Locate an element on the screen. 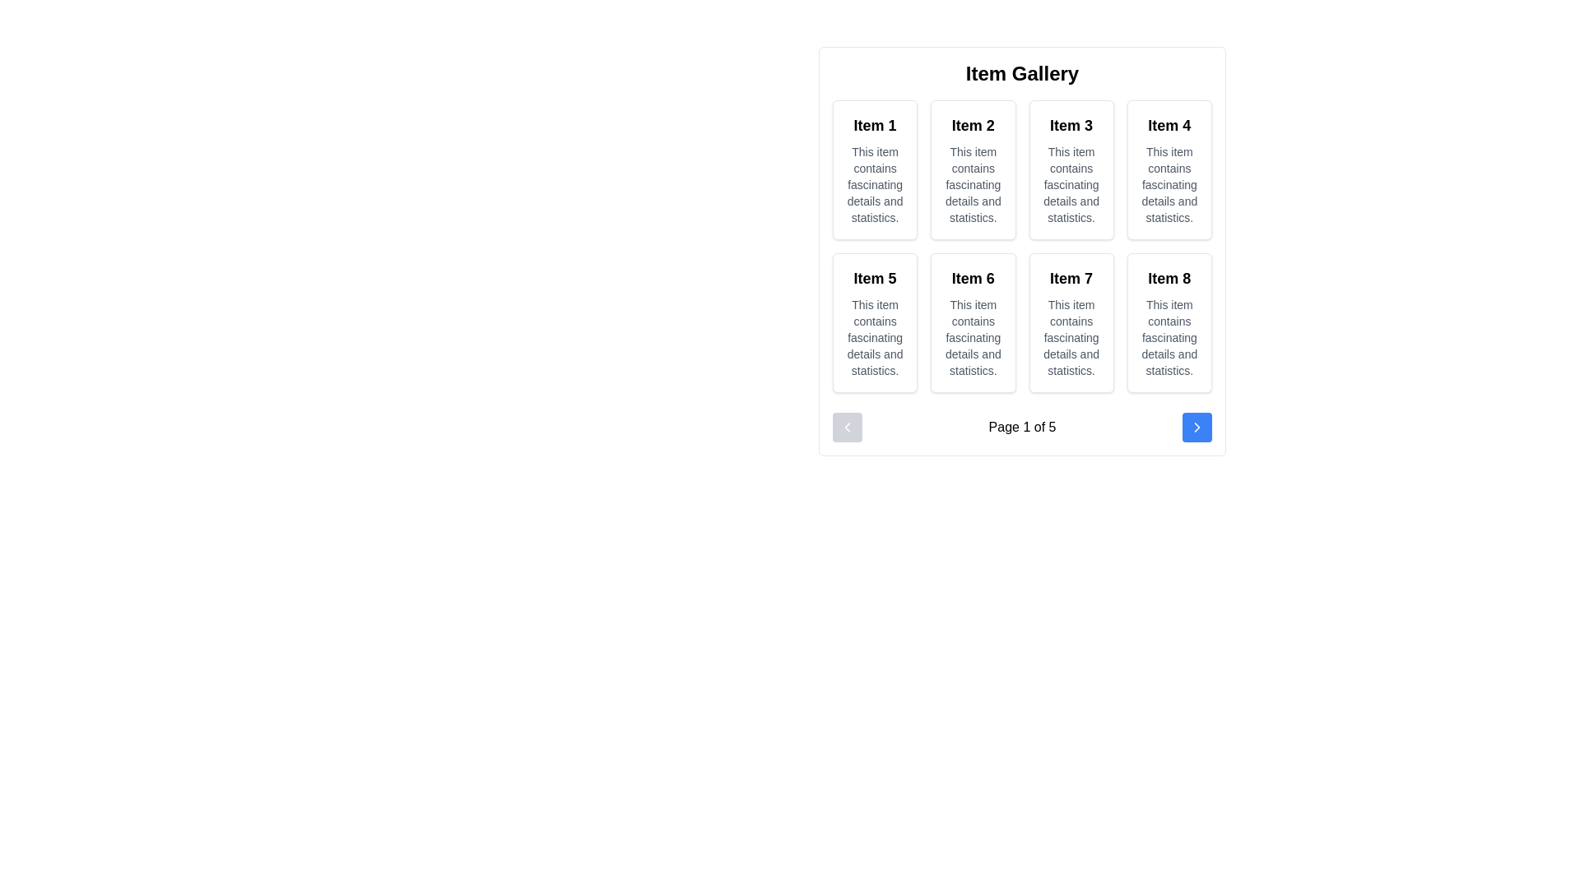 The height and width of the screenshot is (888, 1580). descriptive text located below the title 'Item 4' in the top-right corner of the item gallery grid is located at coordinates (1169, 184).